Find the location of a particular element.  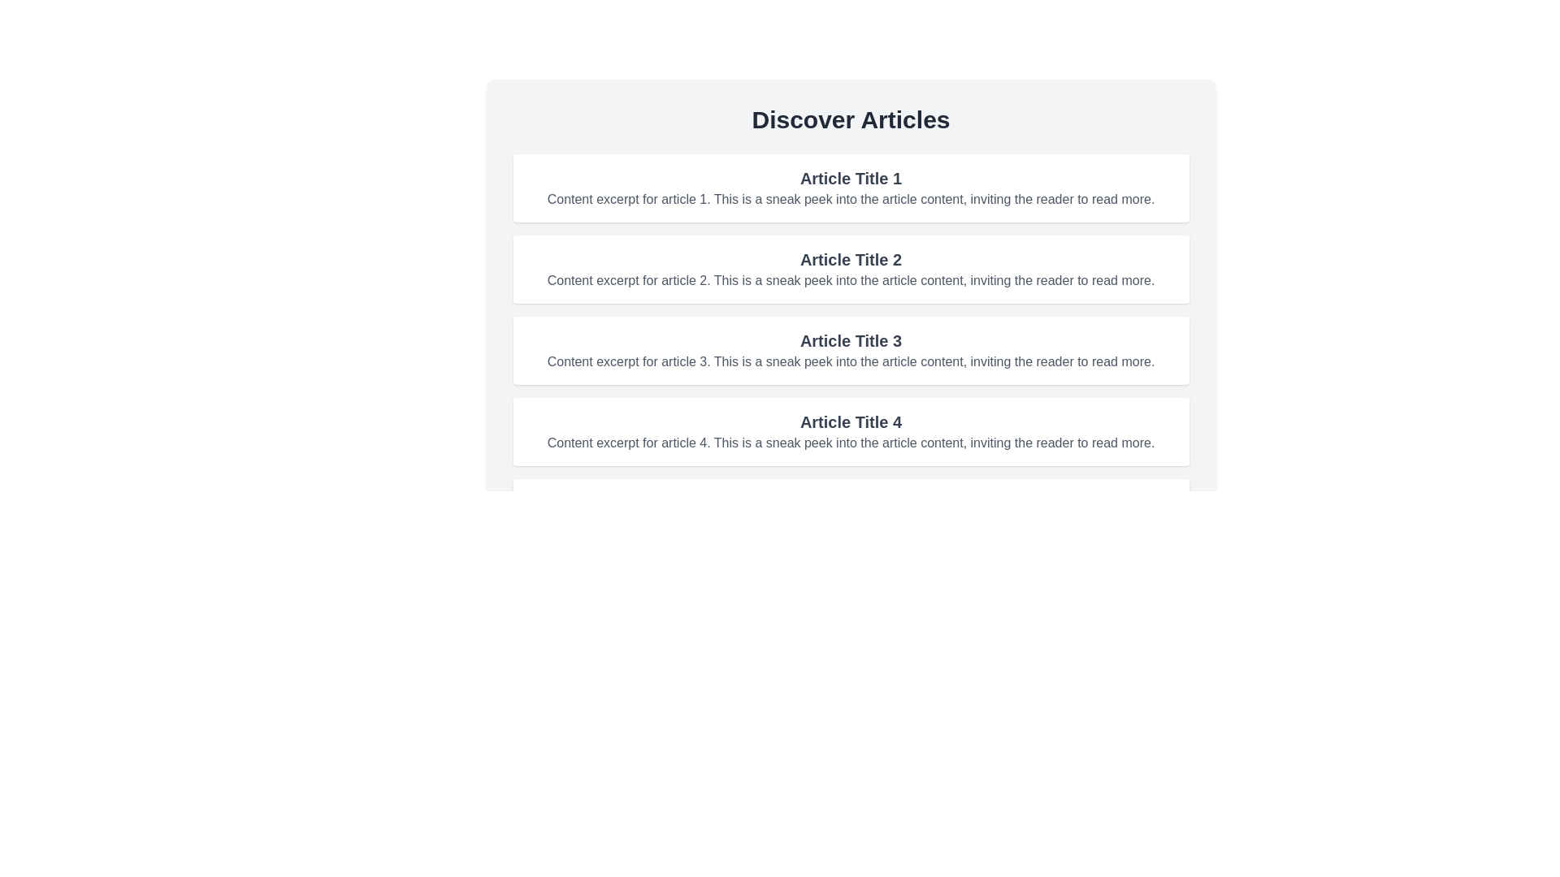

the text element located in the second card below the title 'Article Title 2' is located at coordinates (850, 280).